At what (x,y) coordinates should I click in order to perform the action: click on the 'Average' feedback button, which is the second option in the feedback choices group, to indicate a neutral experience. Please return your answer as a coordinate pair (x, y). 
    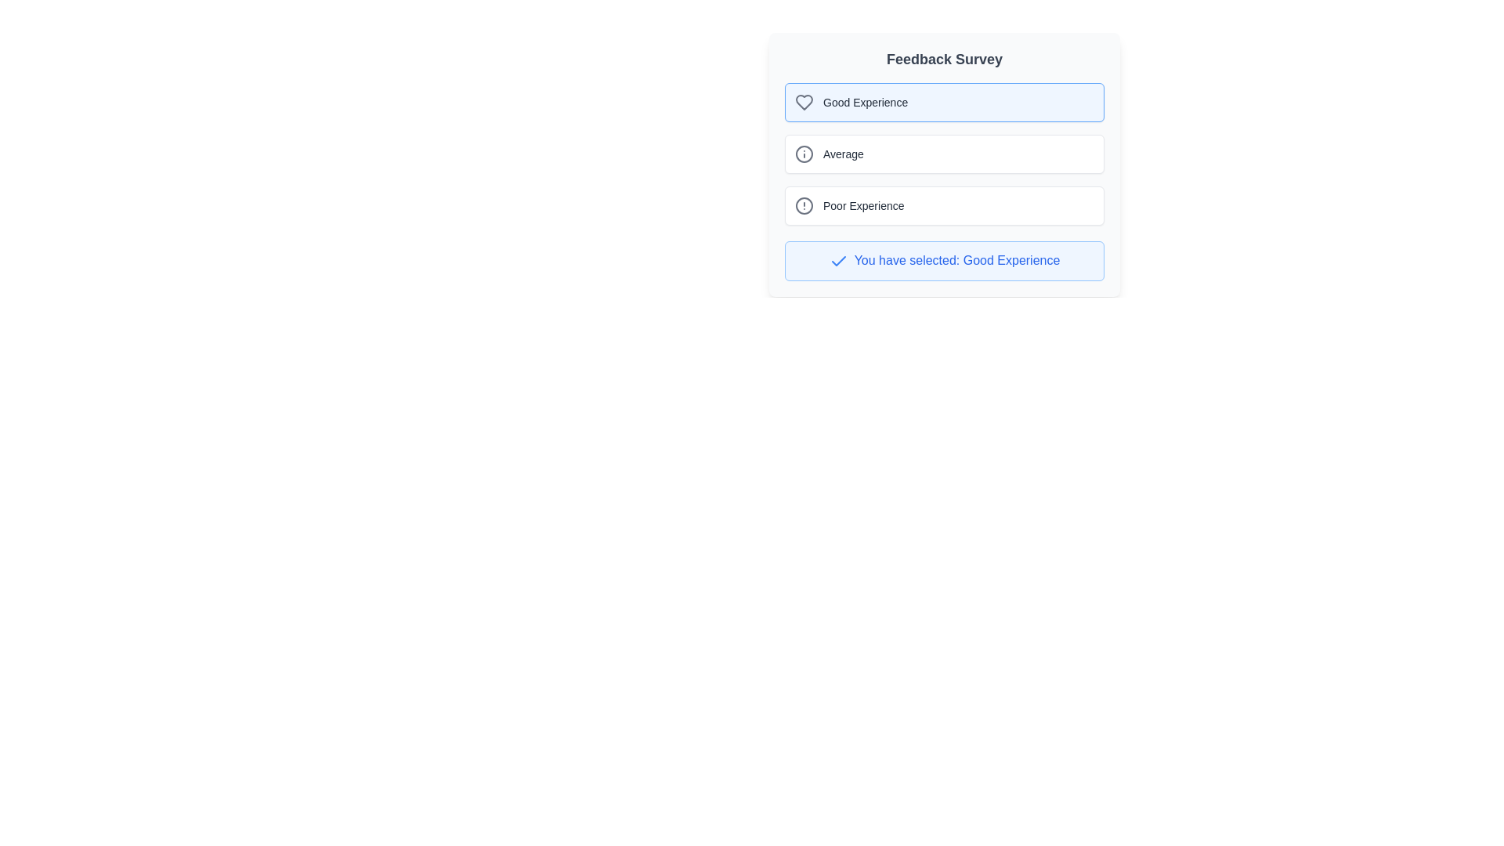
    Looking at the image, I should click on (943, 154).